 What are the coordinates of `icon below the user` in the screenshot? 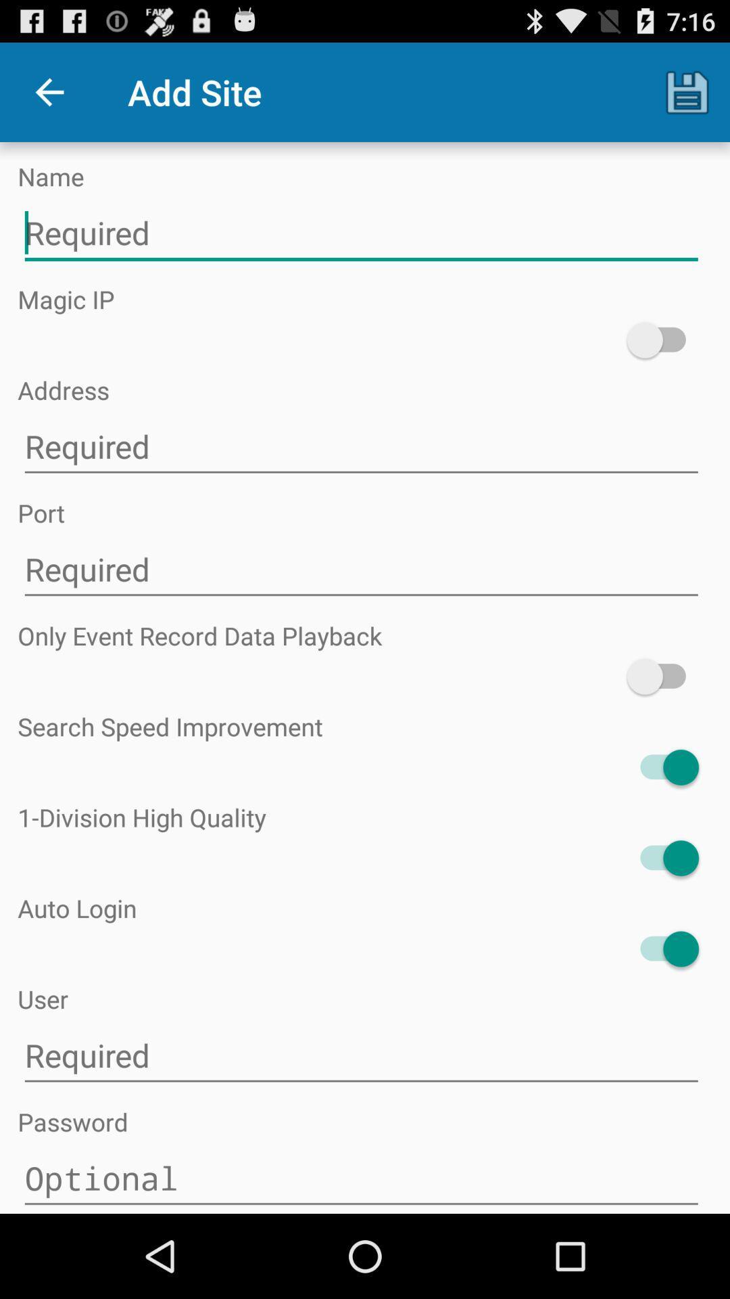 It's located at (360, 1055).